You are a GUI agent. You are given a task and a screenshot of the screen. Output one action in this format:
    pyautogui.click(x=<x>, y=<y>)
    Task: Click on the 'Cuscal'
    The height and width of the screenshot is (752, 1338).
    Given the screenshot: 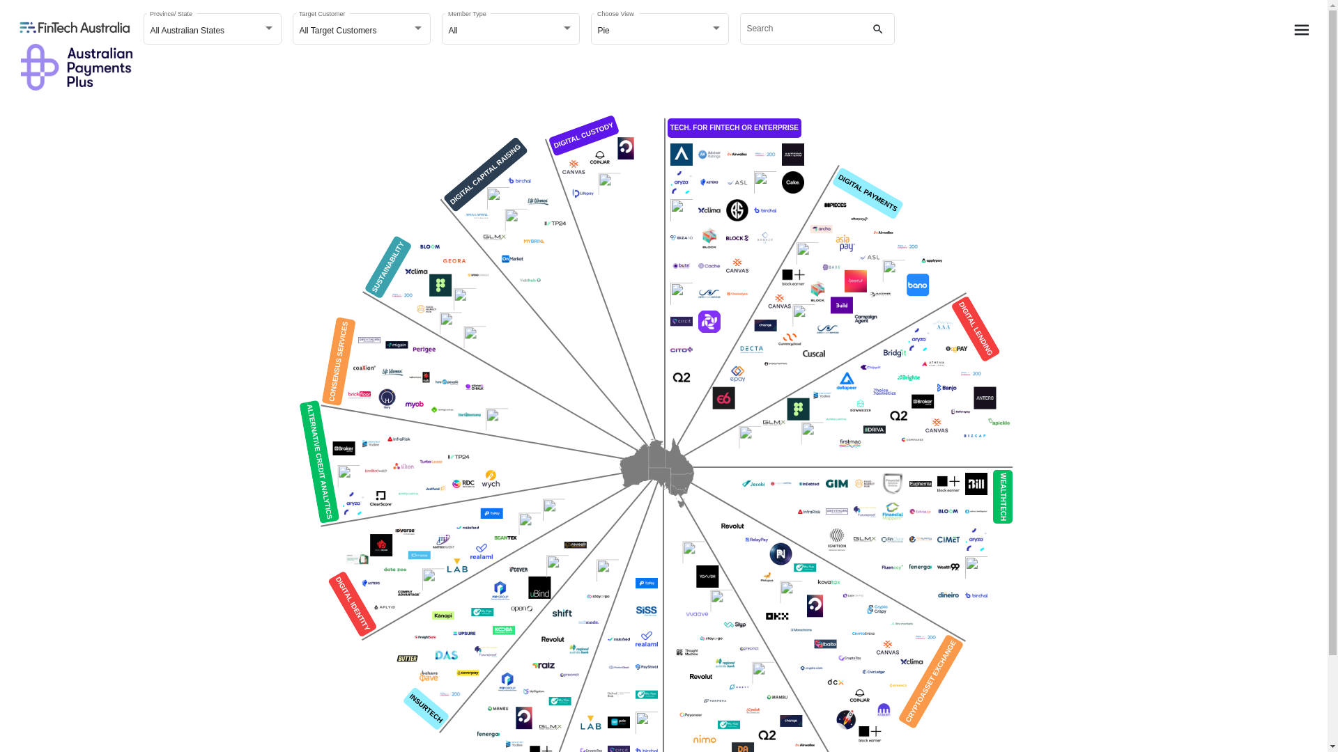 What is the action you would take?
    pyautogui.click(x=813, y=353)
    